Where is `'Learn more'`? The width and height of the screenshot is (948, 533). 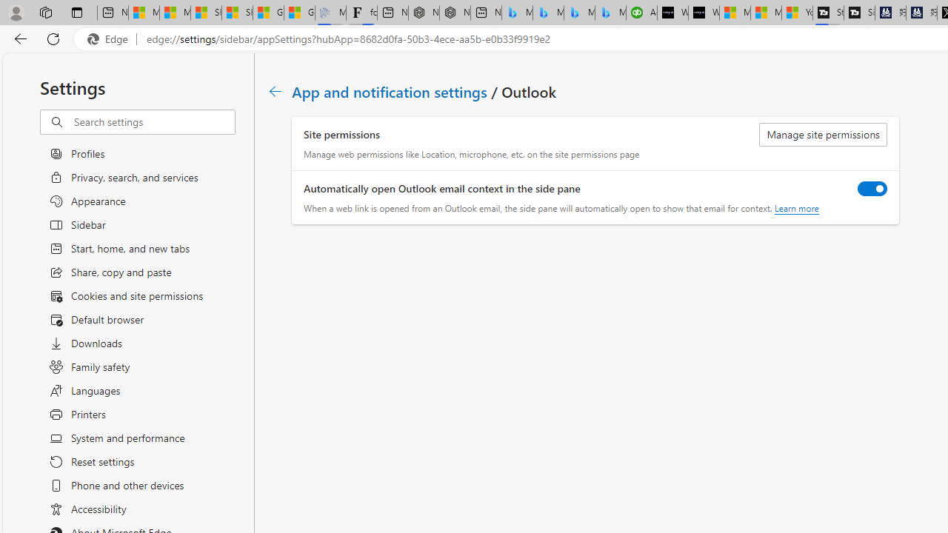 'Learn more' is located at coordinates (795, 208).